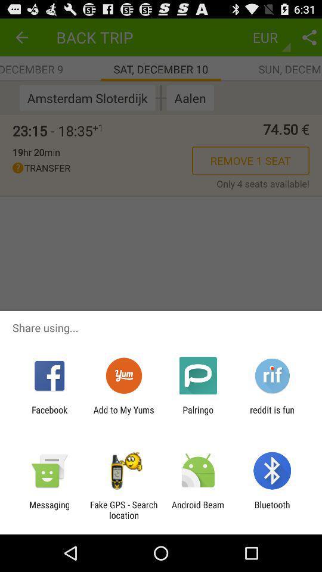 This screenshot has width=322, height=572. Describe the element at coordinates (49, 509) in the screenshot. I see `messaging` at that location.